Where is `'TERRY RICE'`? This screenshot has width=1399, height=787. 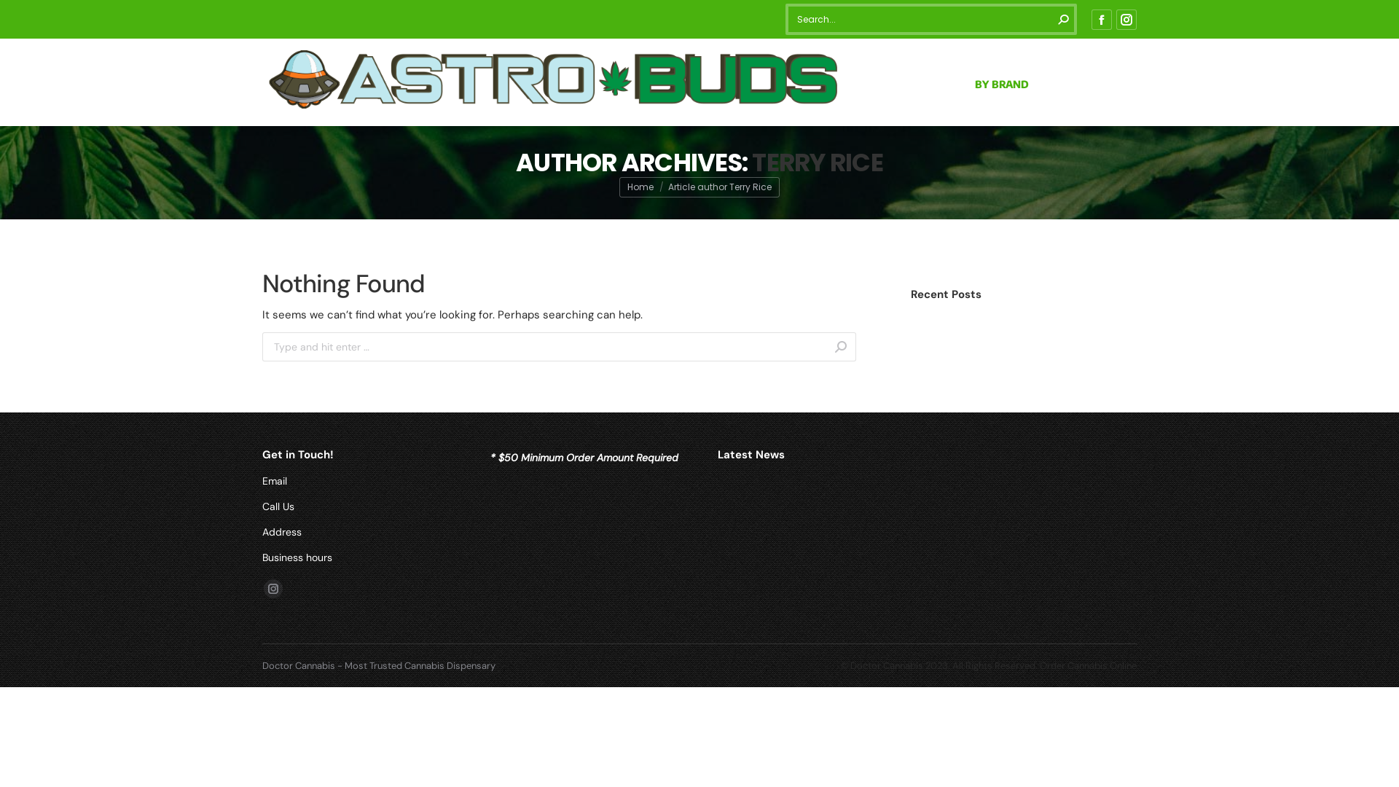
'TERRY RICE' is located at coordinates (818, 163).